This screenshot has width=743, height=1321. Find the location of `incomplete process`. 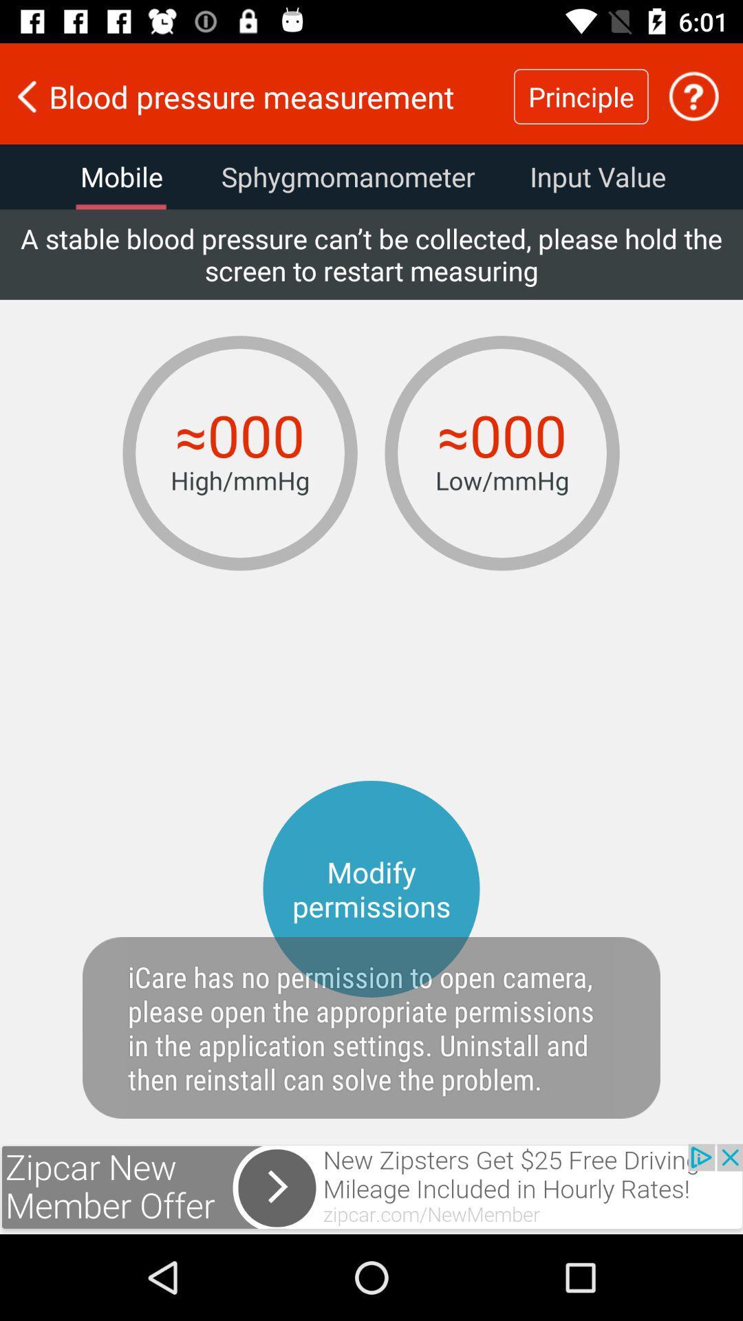

incomplete process is located at coordinates (693, 96).